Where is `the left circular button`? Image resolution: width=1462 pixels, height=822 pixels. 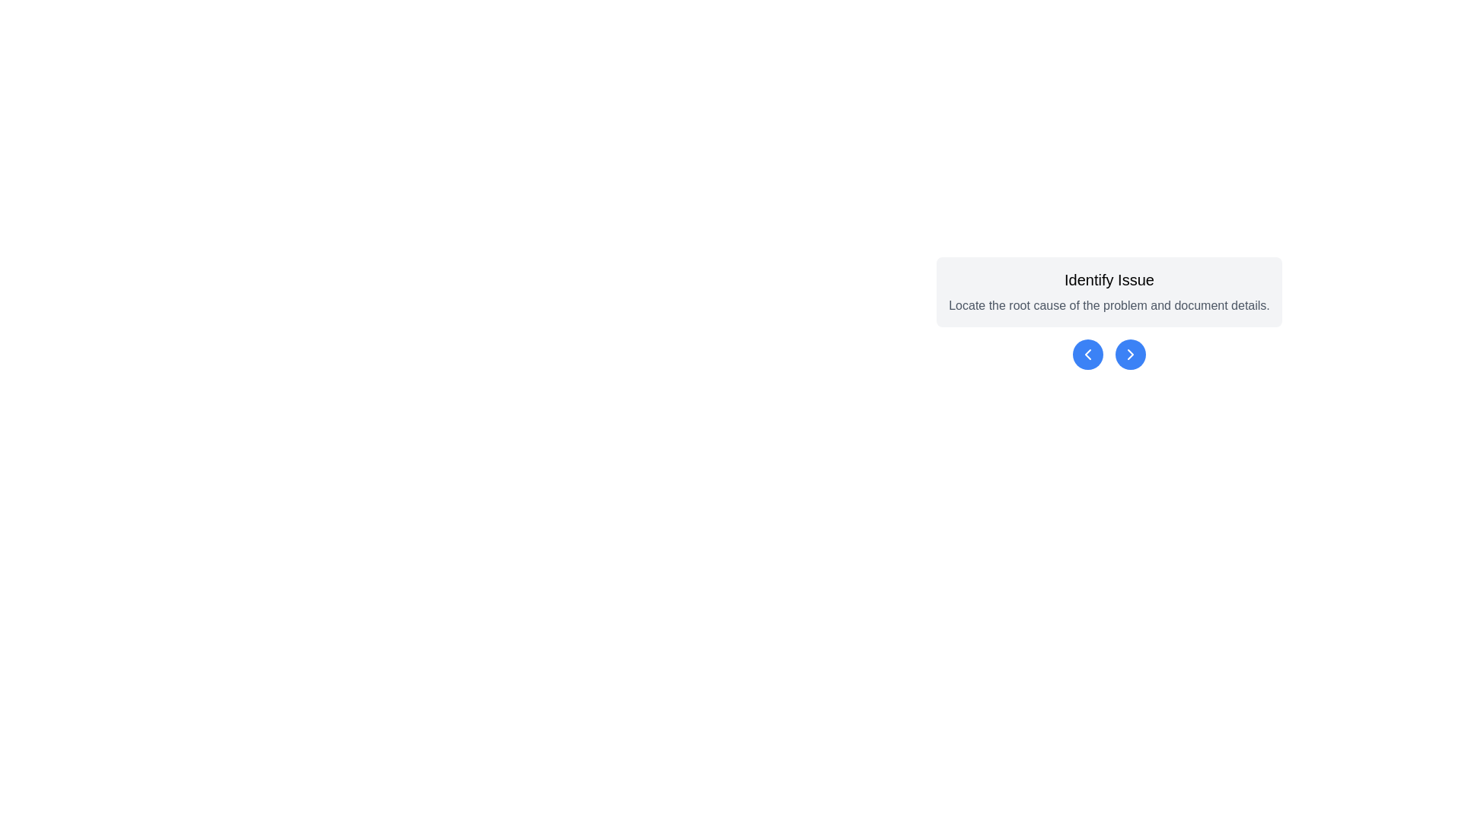 the left circular button is located at coordinates (1087, 355).